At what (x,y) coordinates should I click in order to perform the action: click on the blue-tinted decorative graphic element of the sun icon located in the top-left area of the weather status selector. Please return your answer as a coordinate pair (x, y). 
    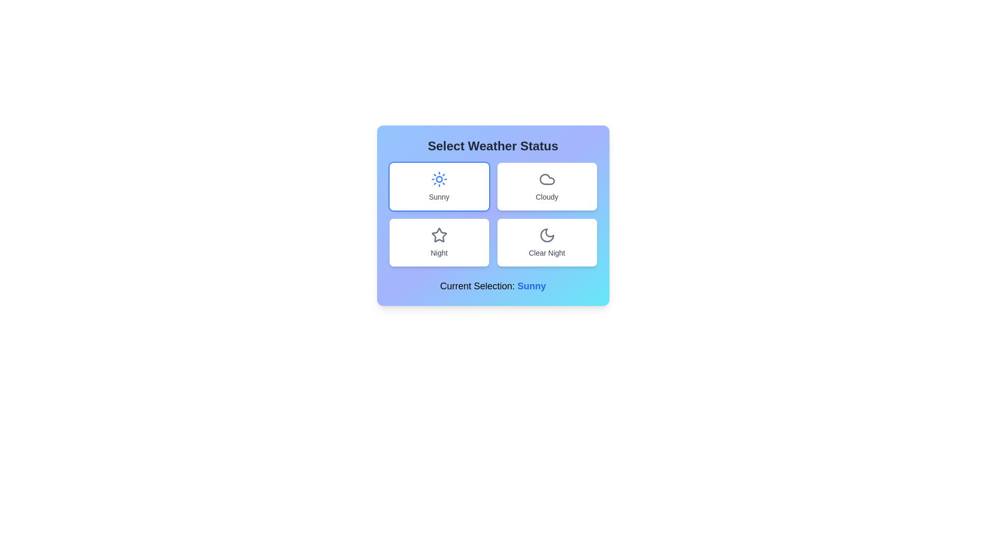
    Looking at the image, I should click on (439, 179).